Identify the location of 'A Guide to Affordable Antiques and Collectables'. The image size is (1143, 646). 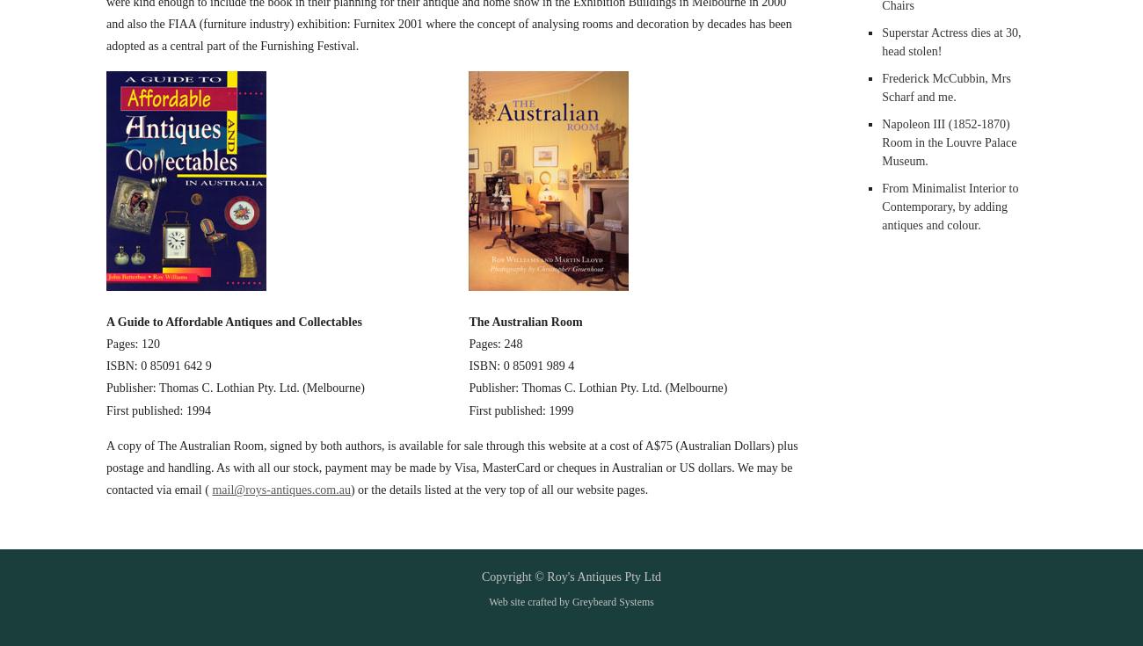
(232, 320).